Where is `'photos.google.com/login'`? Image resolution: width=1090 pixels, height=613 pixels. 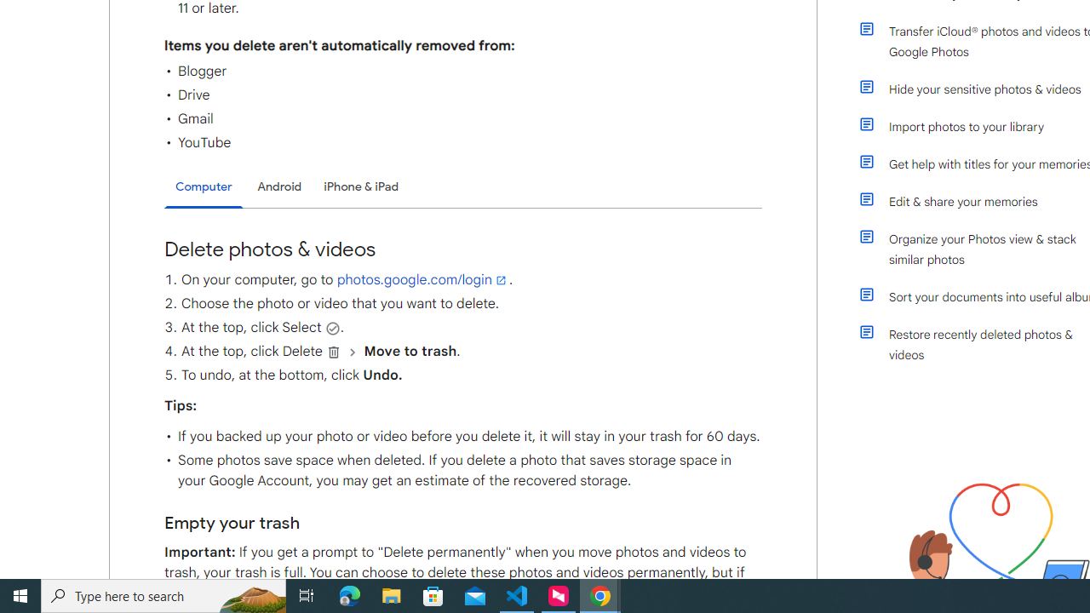 'photos.google.com/login' is located at coordinates (422, 279).